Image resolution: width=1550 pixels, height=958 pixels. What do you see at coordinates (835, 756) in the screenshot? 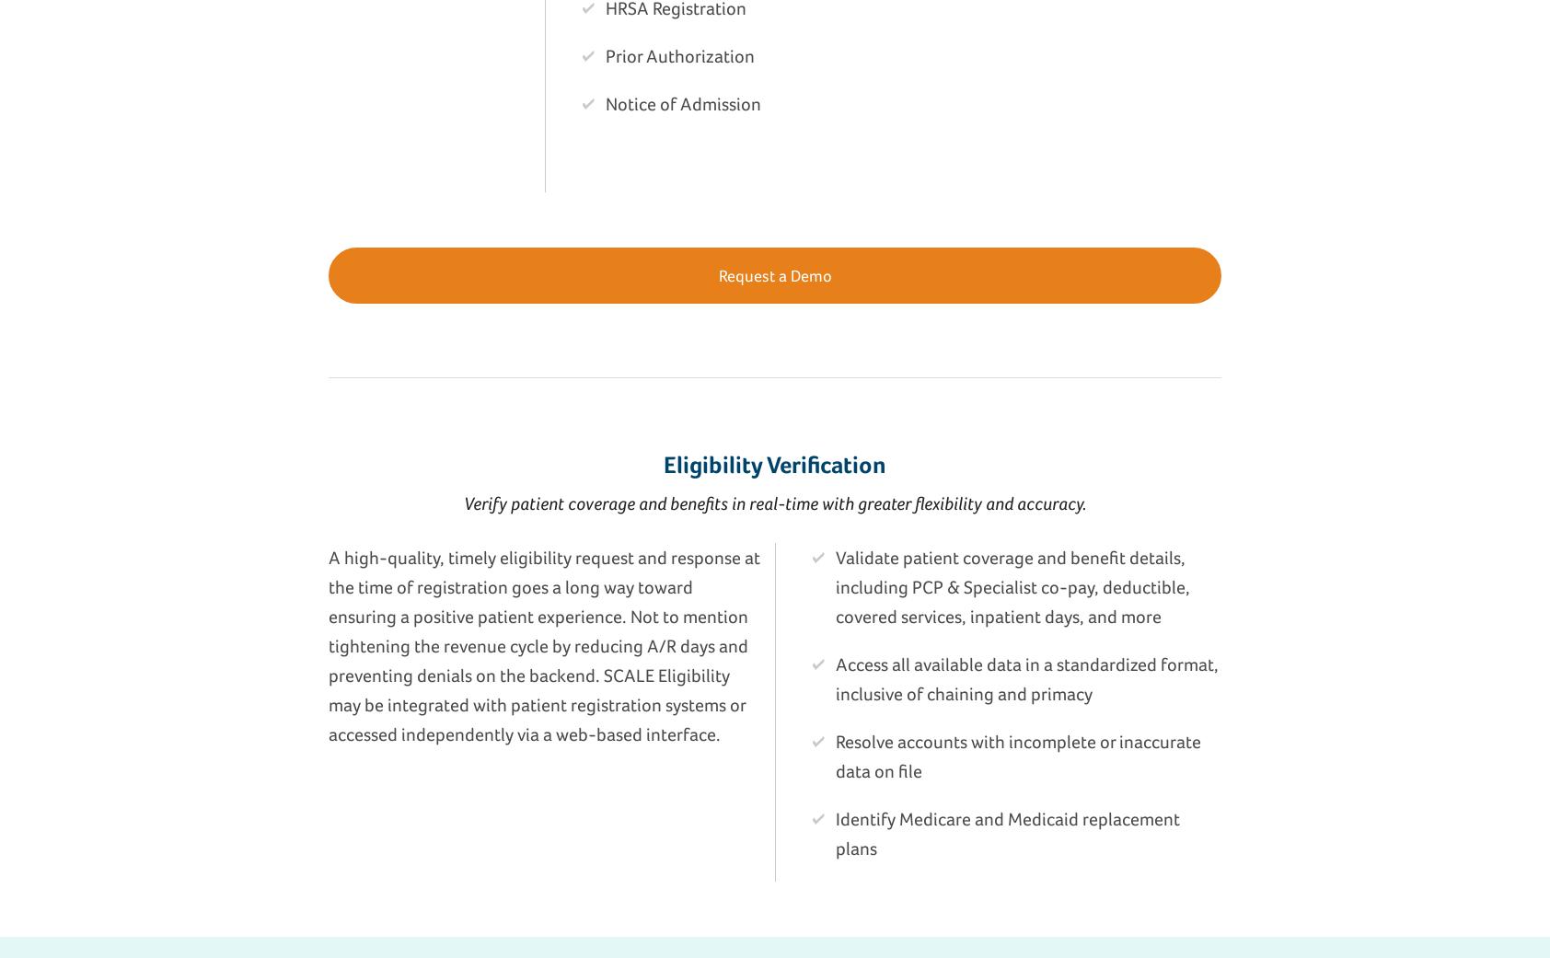
I see `'Resolve accounts with incomplete or inaccurate data on file'` at bounding box center [835, 756].